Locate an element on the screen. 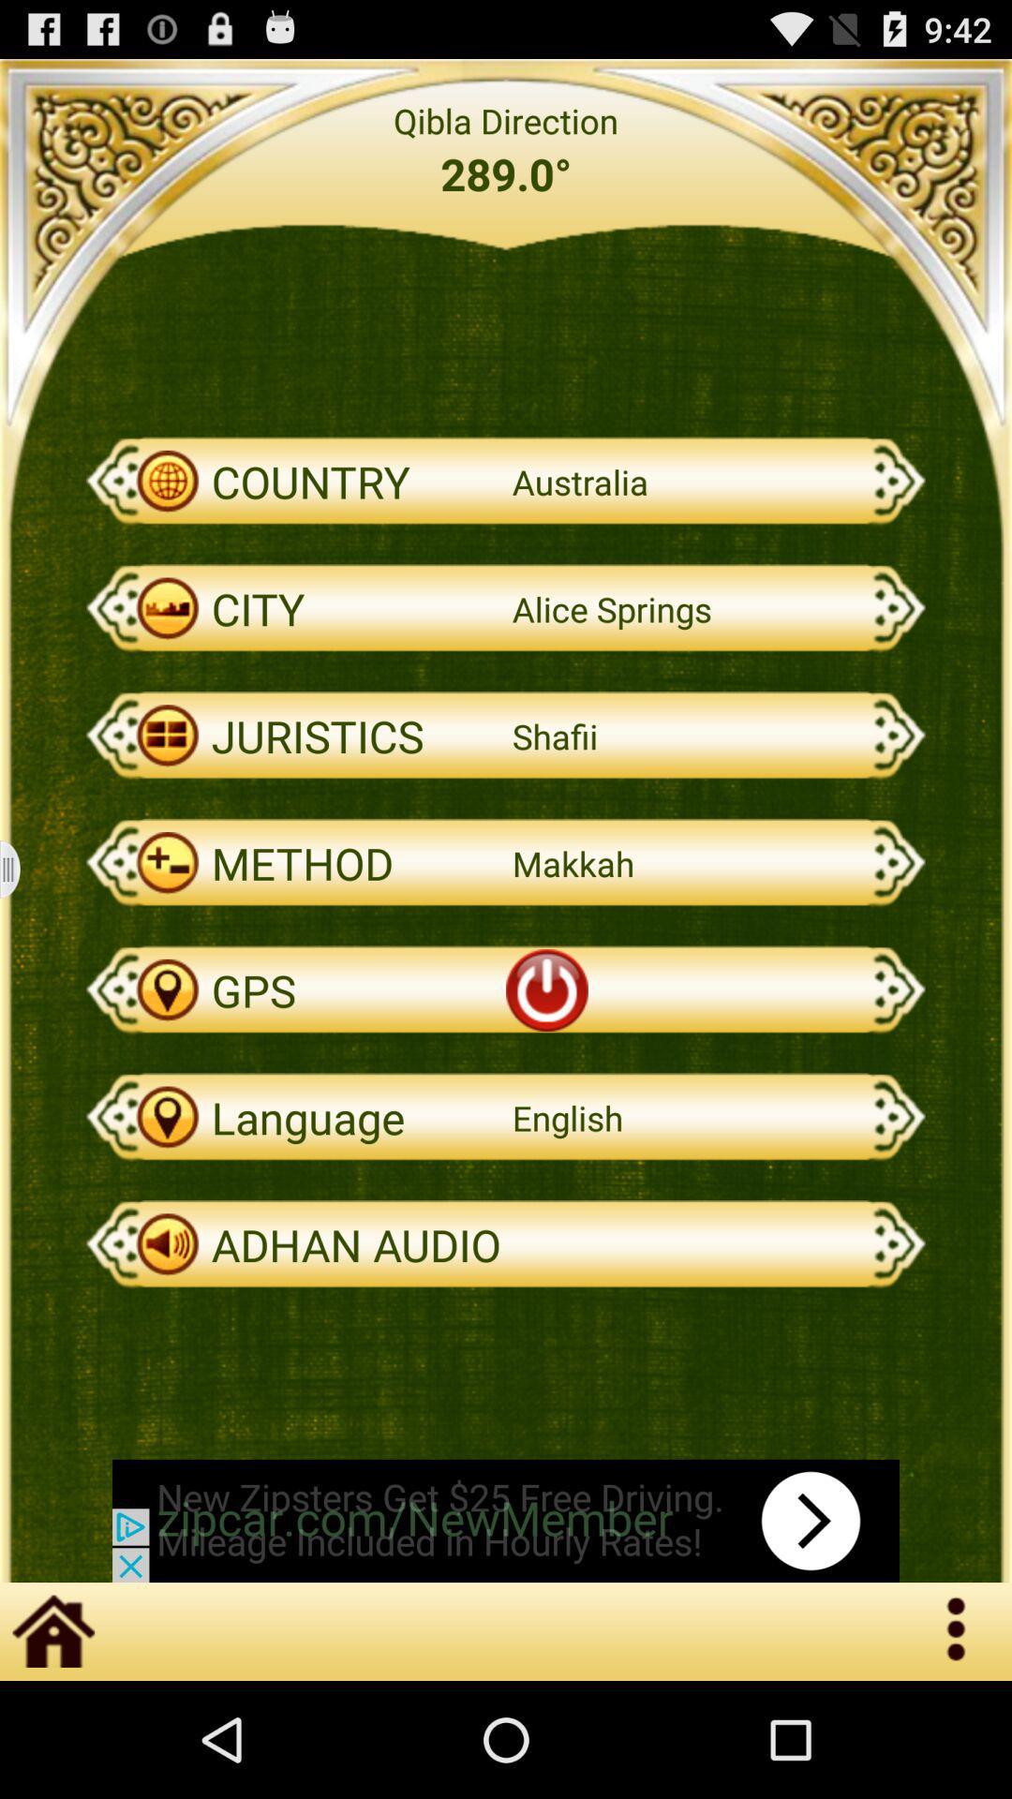 The height and width of the screenshot is (1799, 1012). open advertisement is located at coordinates (506, 1521).